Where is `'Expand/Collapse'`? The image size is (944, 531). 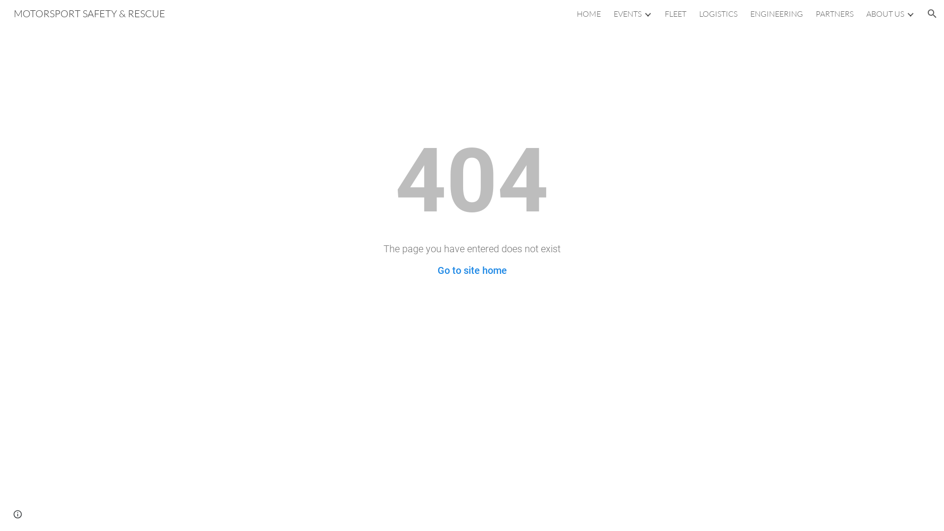 'Expand/Collapse' is located at coordinates (910, 13).